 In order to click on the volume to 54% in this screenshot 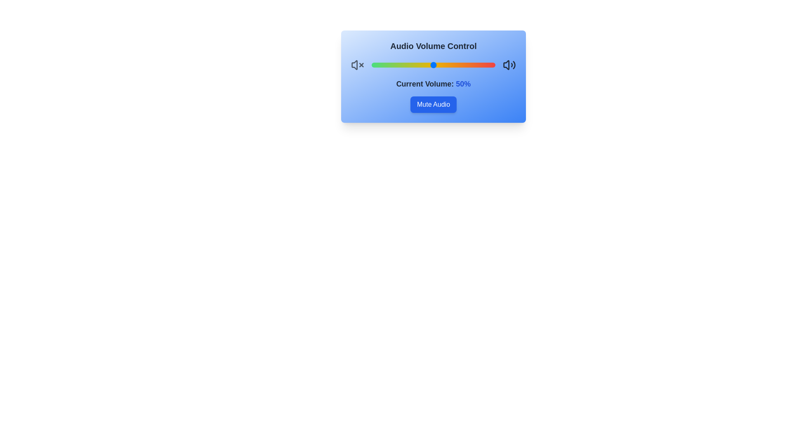, I will do `click(438, 65)`.